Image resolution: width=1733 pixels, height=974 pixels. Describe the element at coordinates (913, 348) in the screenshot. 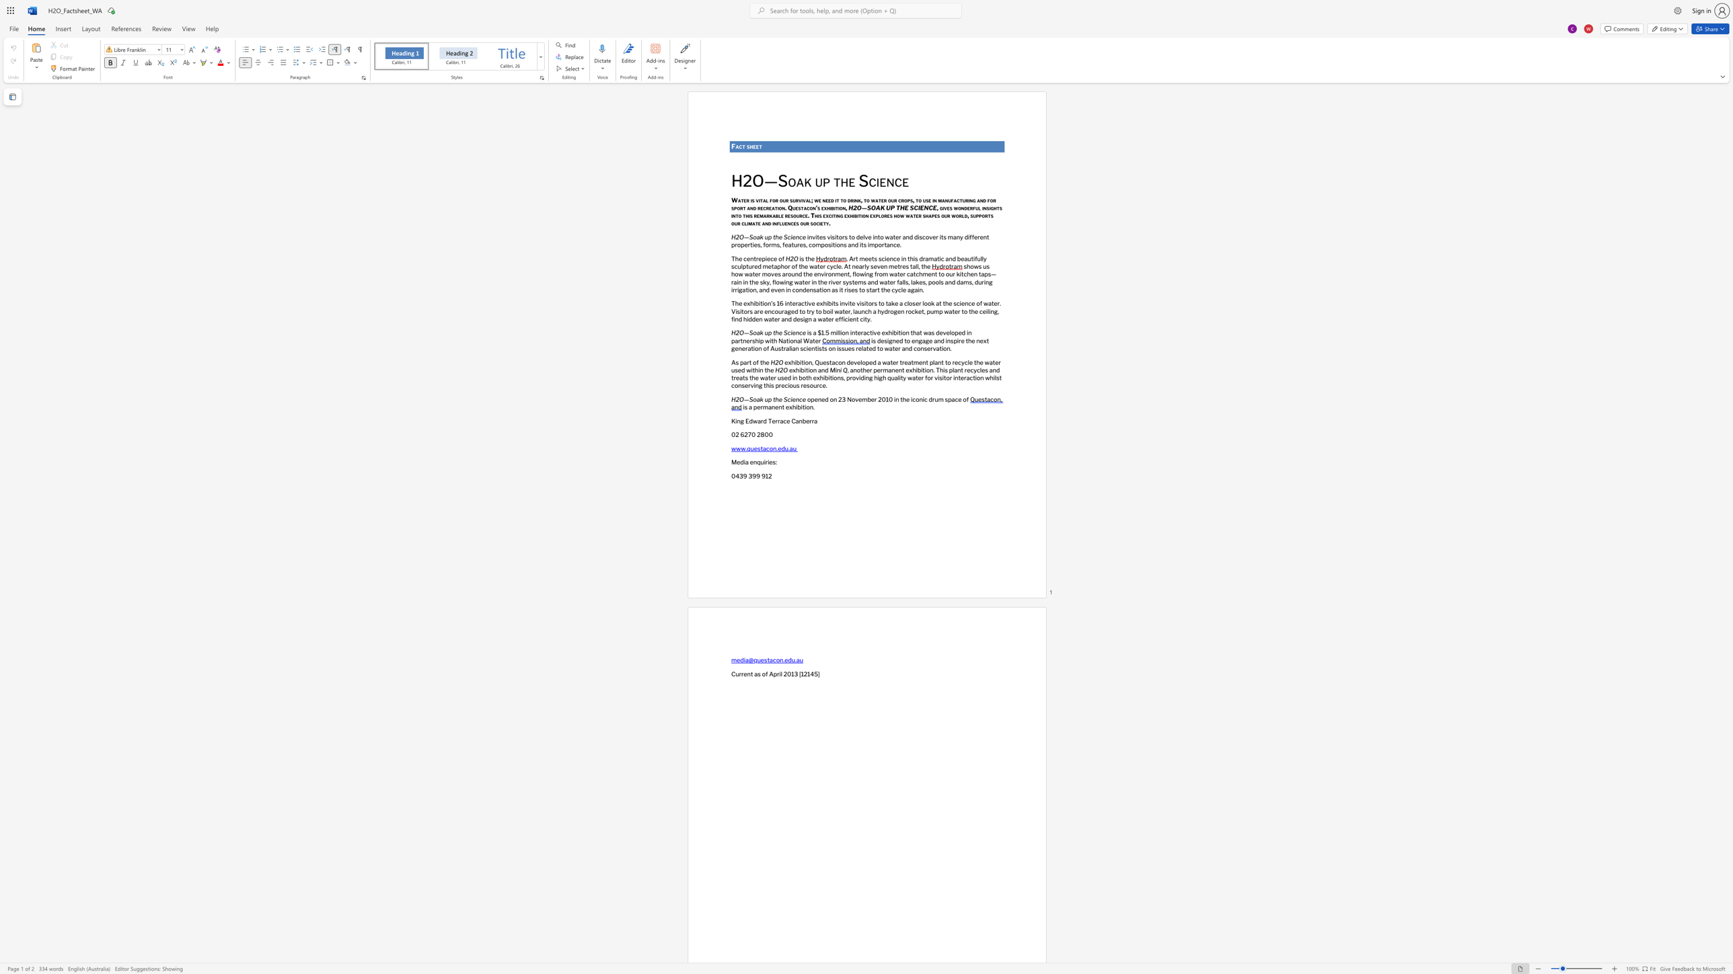

I see `the subset text "con" within the text "is designed to engage and inspire the next generation of Australian scientists on issues related to water and conservation."` at that location.